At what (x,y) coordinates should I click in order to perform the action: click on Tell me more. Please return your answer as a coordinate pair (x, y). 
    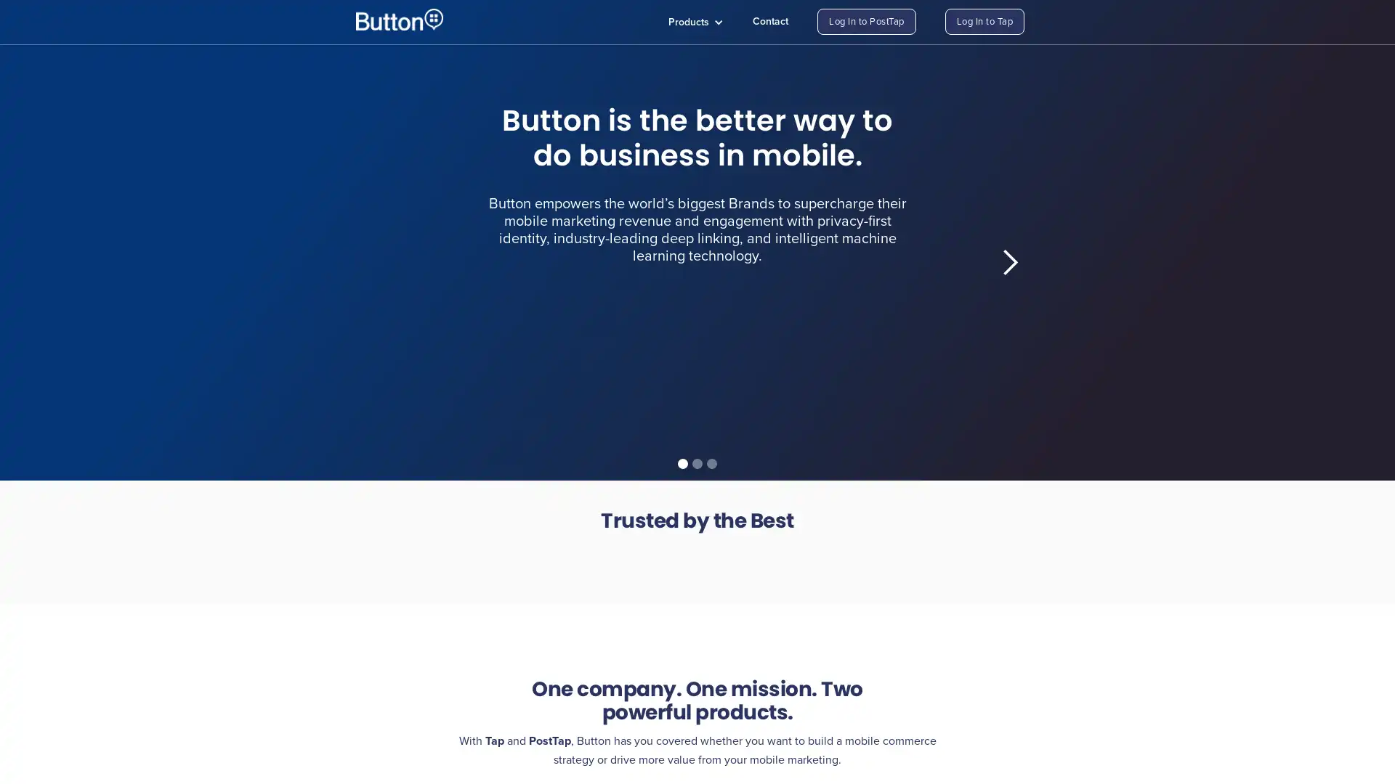
    Looking at the image, I should click on (842, 380).